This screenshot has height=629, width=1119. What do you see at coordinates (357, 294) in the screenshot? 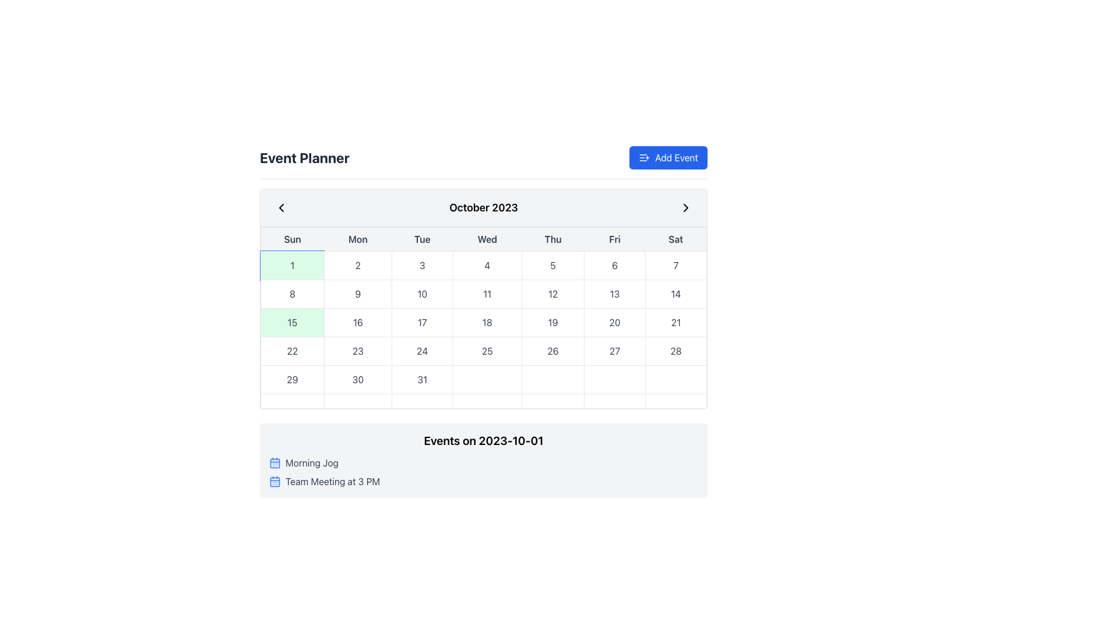
I see `the button labeled '9', which is the second button in a sequence of number buttons ranging from 8 to 14` at bounding box center [357, 294].